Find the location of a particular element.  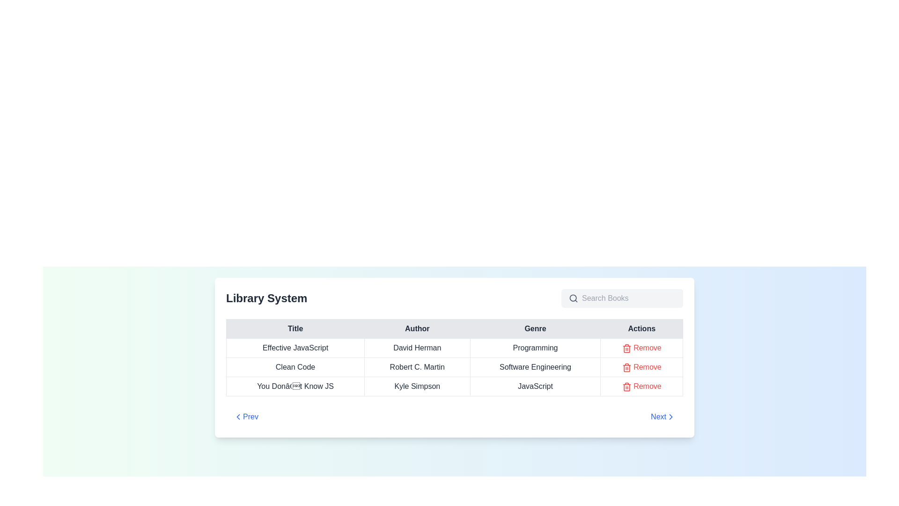

the 'Actions' header in the table, which categorizes the subsequent data rows under this label is located at coordinates (641, 328).